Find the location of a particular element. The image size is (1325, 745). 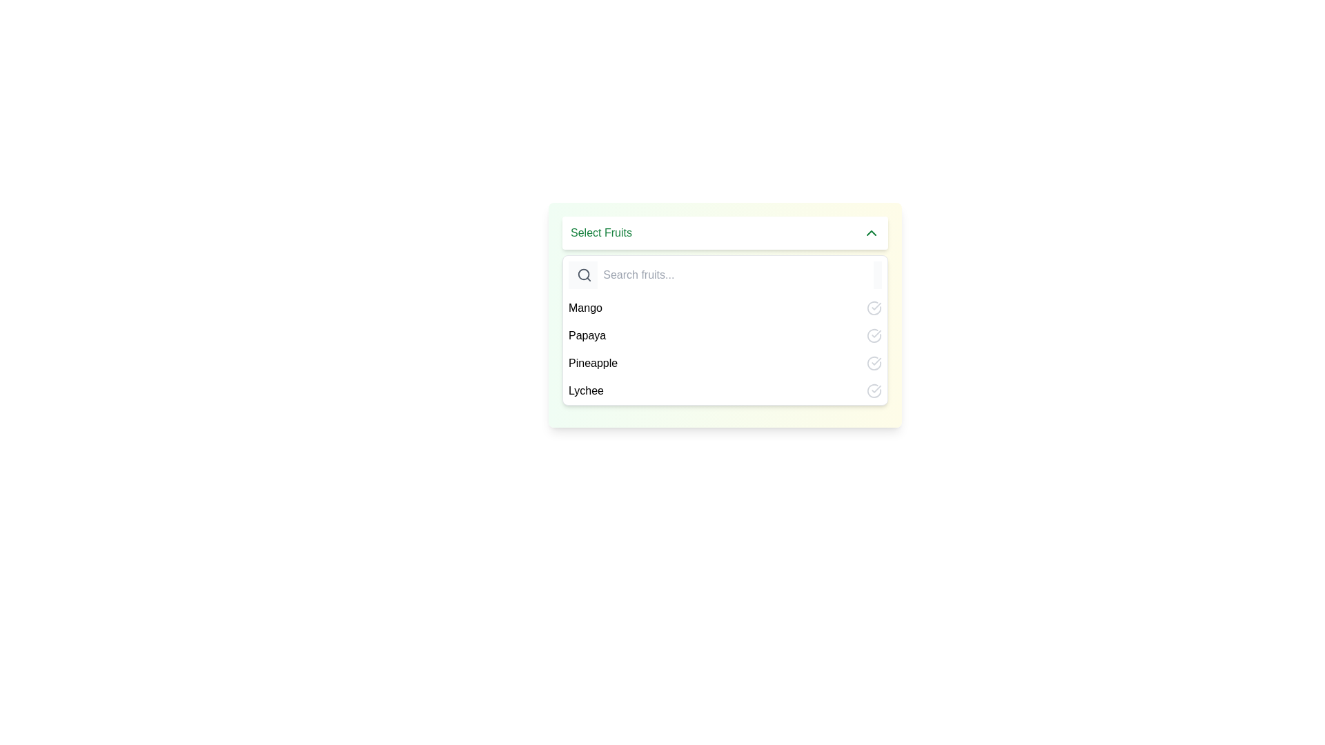

the selection status icon for the 'Pineapple' item located on the far right within the dropdown list in the 'Select Fruits' section is located at coordinates (874, 363).